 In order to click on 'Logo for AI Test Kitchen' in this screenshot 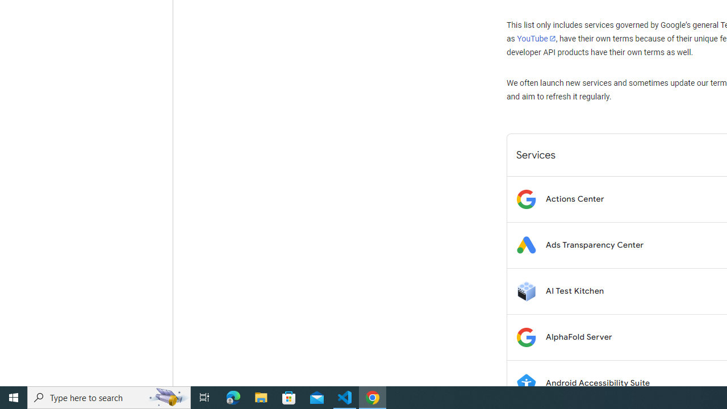, I will do `click(525, 290)`.